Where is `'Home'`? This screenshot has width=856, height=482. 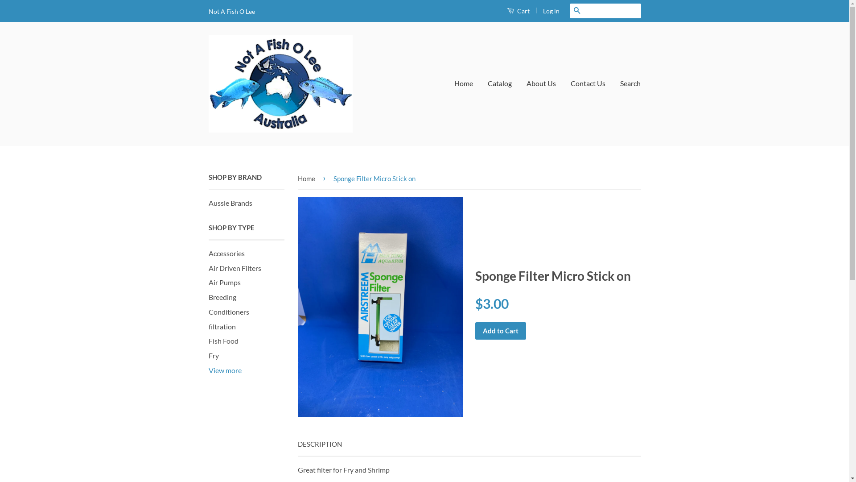
'Home' is located at coordinates (466, 83).